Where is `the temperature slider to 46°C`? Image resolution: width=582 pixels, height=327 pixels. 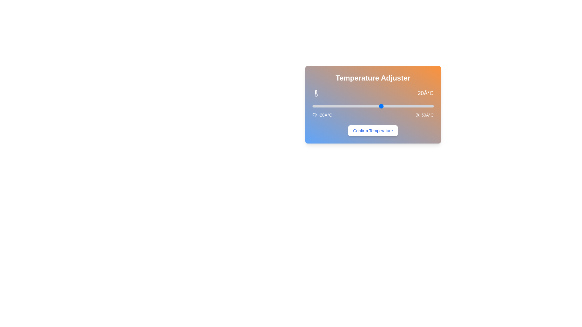 the temperature slider to 46°C is located at coordinates (426, 106).